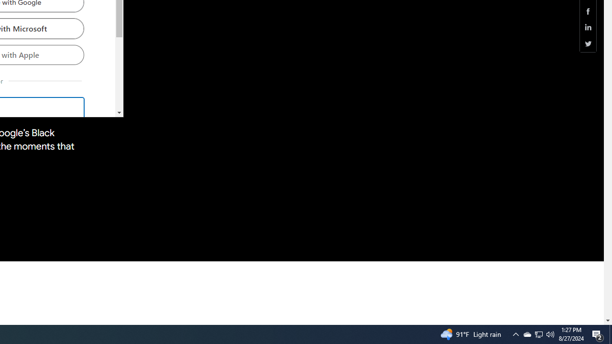  Describe the element at coordinates (526, 333) in the screenshot. I see `'User Promoted Notification Area'` at that location.